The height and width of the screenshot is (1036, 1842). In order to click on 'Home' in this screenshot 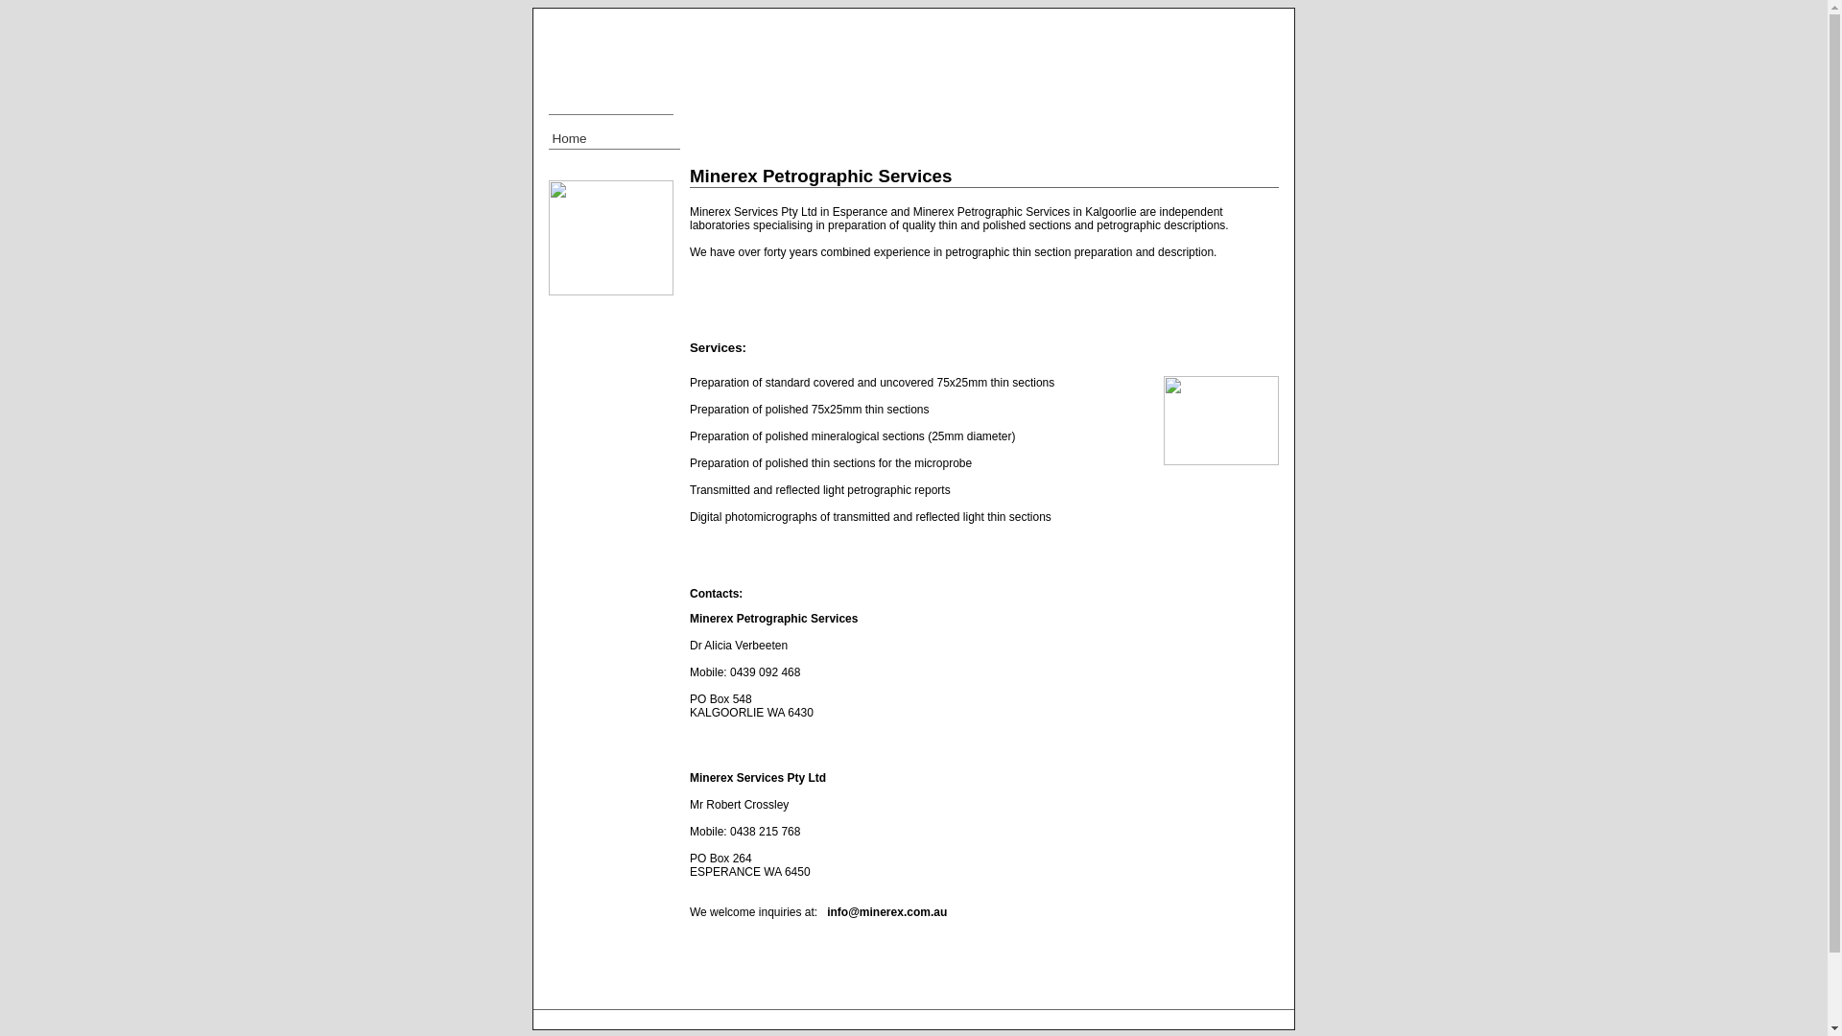, I will do `click(614, 138)`.